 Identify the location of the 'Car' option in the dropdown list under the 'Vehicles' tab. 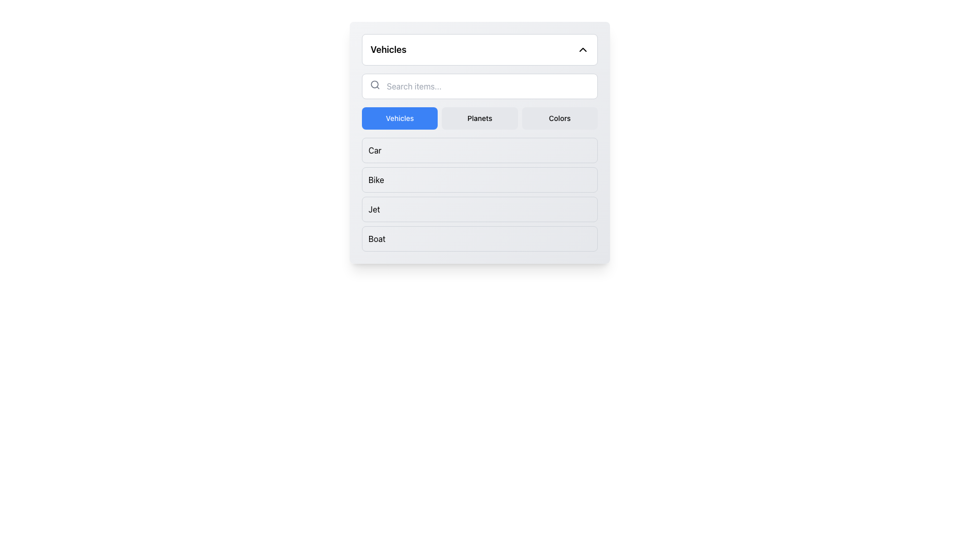
(374, 150).